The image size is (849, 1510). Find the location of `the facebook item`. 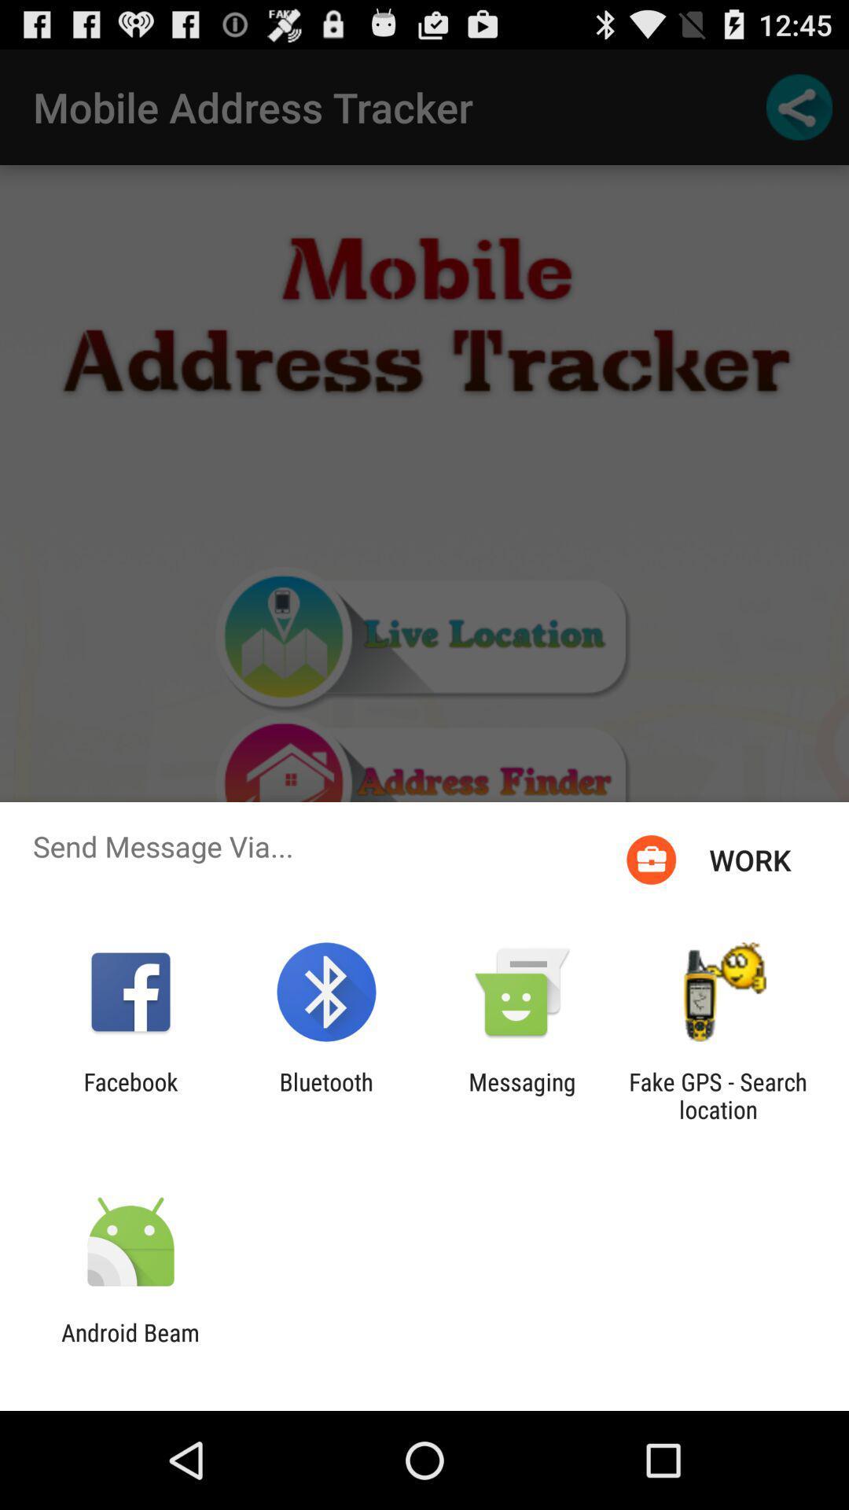

the facebook item is located at coordinates (130, 1095).